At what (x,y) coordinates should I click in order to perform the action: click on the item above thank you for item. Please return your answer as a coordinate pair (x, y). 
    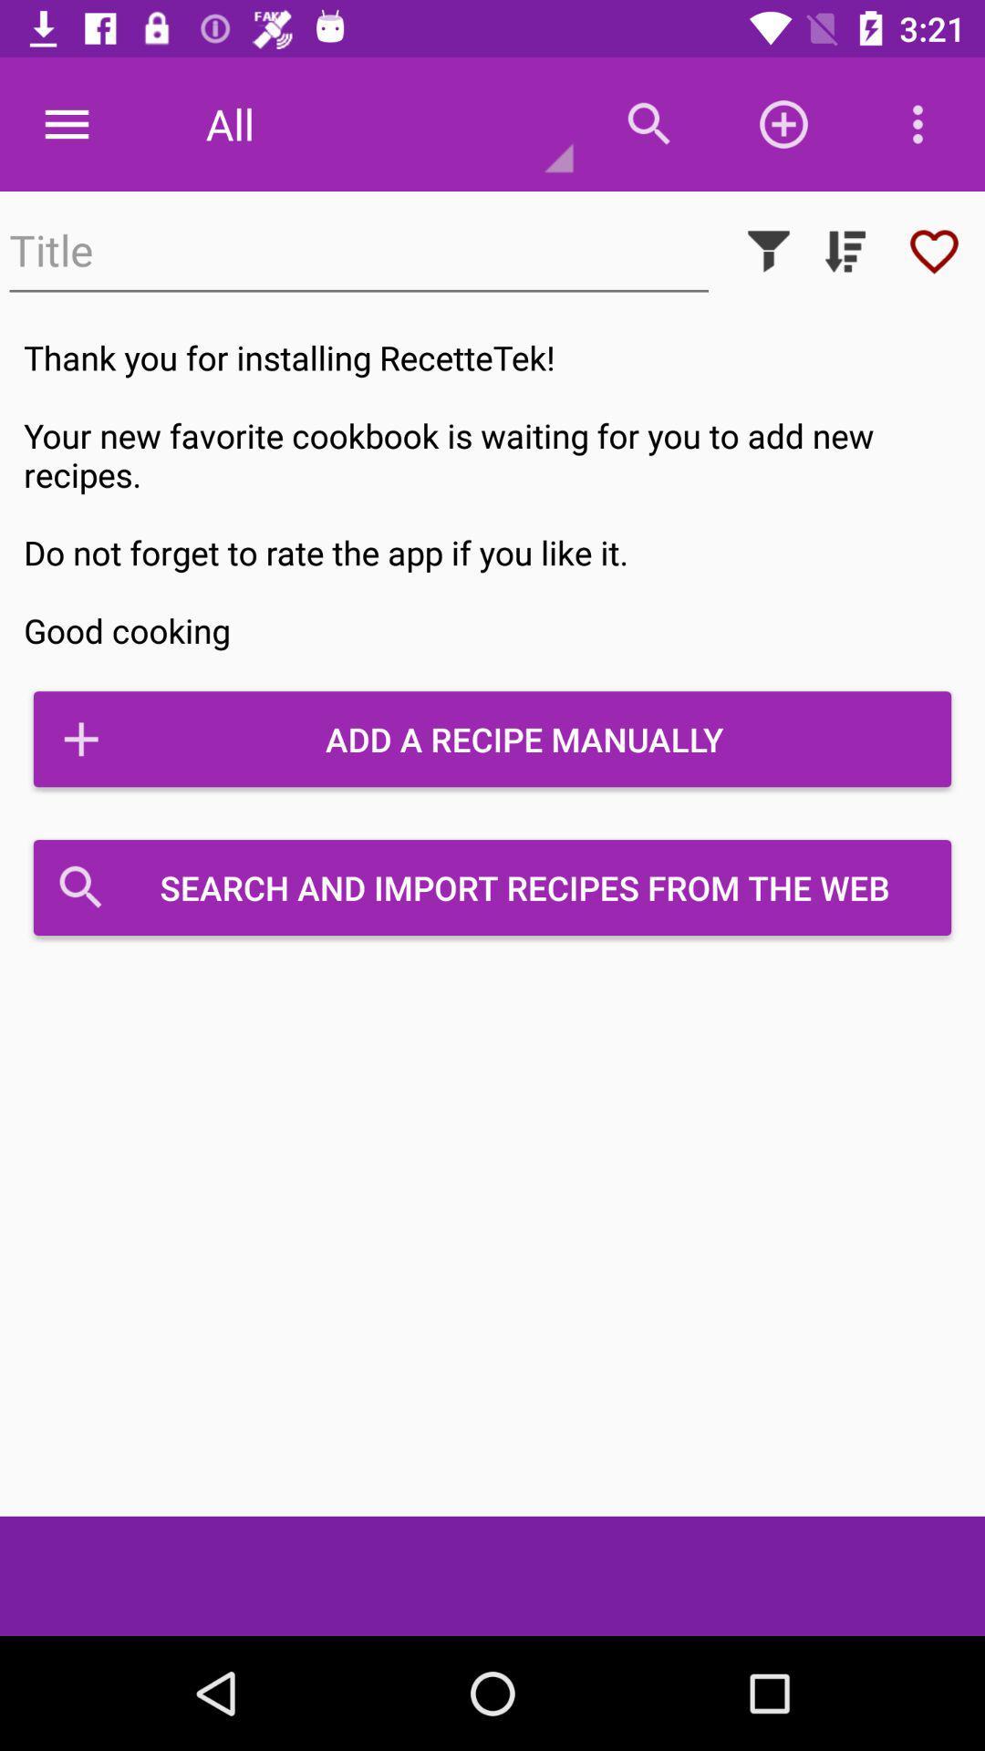
    Looking at the image, I should click on (934, 250).